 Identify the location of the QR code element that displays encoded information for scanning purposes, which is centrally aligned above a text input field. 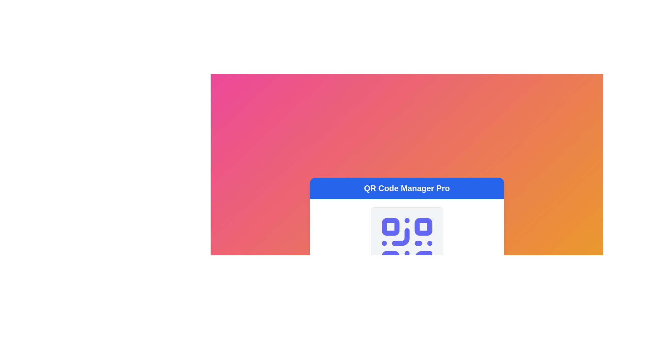
(406, 243).